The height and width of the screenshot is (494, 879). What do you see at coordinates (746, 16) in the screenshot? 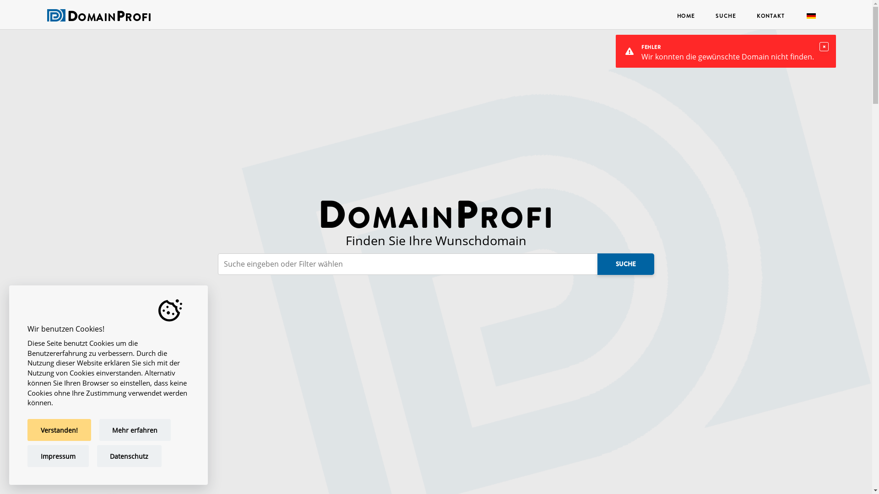
I see `'KONTAKT'` at bounding box center [746, 16].